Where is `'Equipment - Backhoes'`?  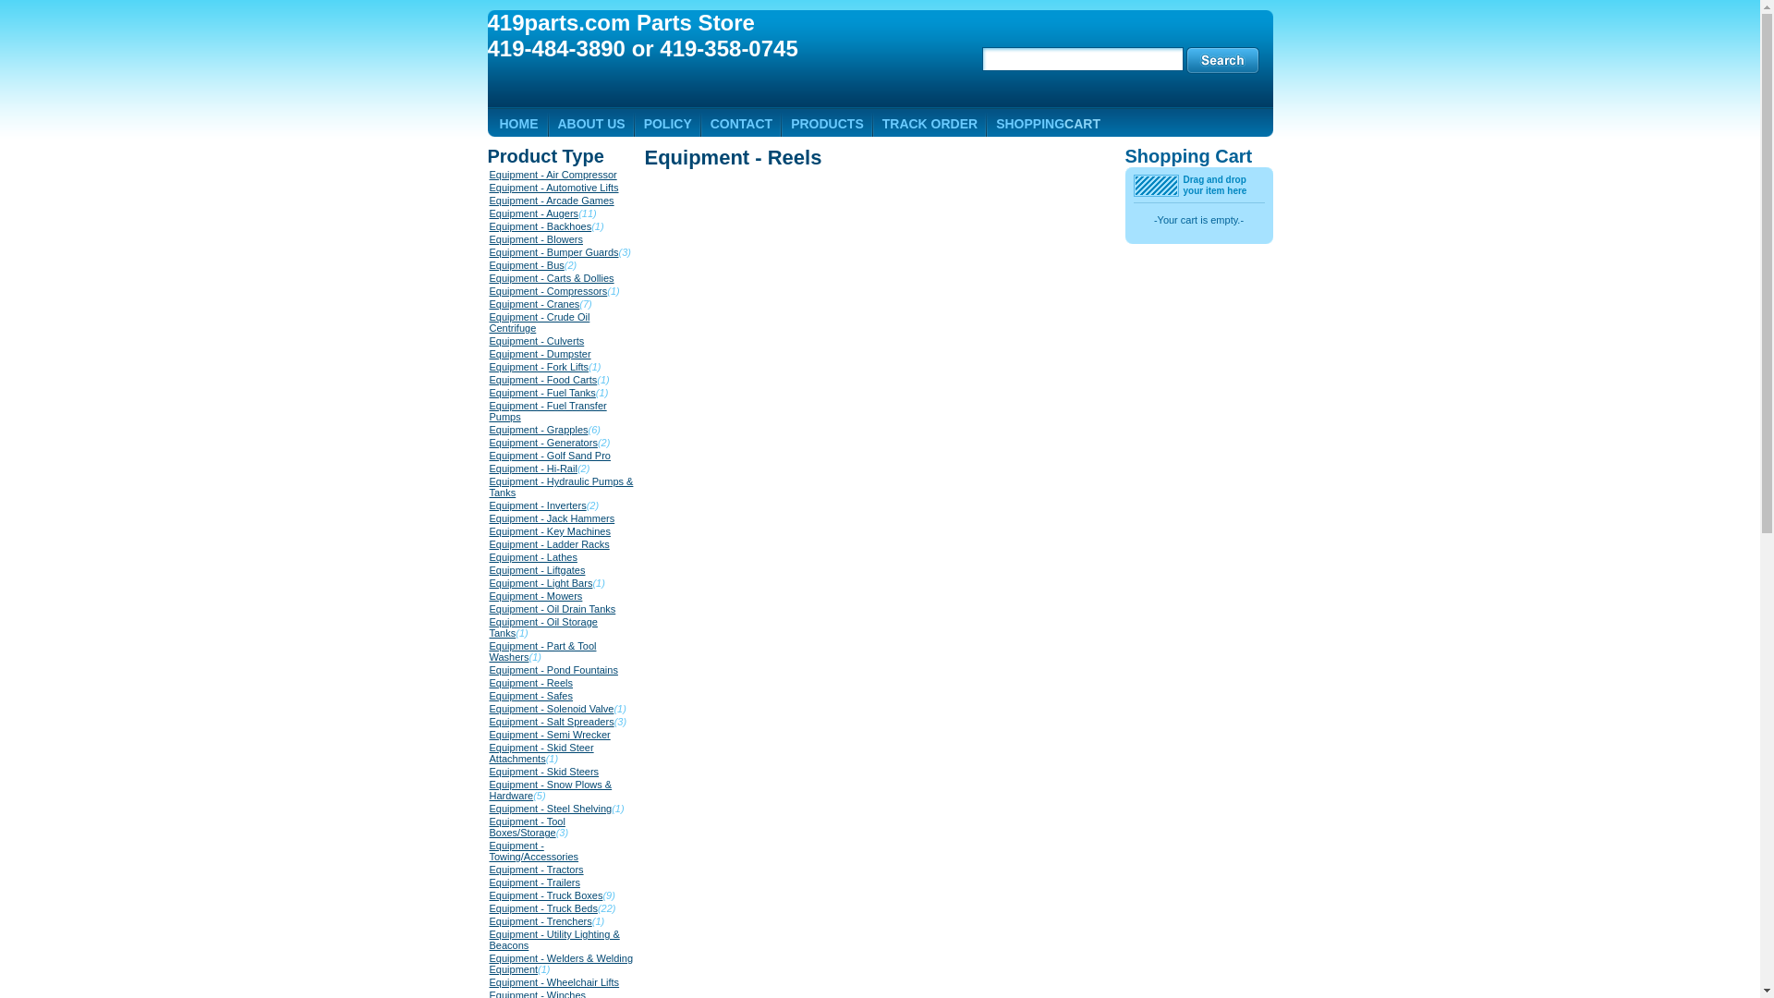
'Equipment - Backhoes' is located at coordinates (489, 225).